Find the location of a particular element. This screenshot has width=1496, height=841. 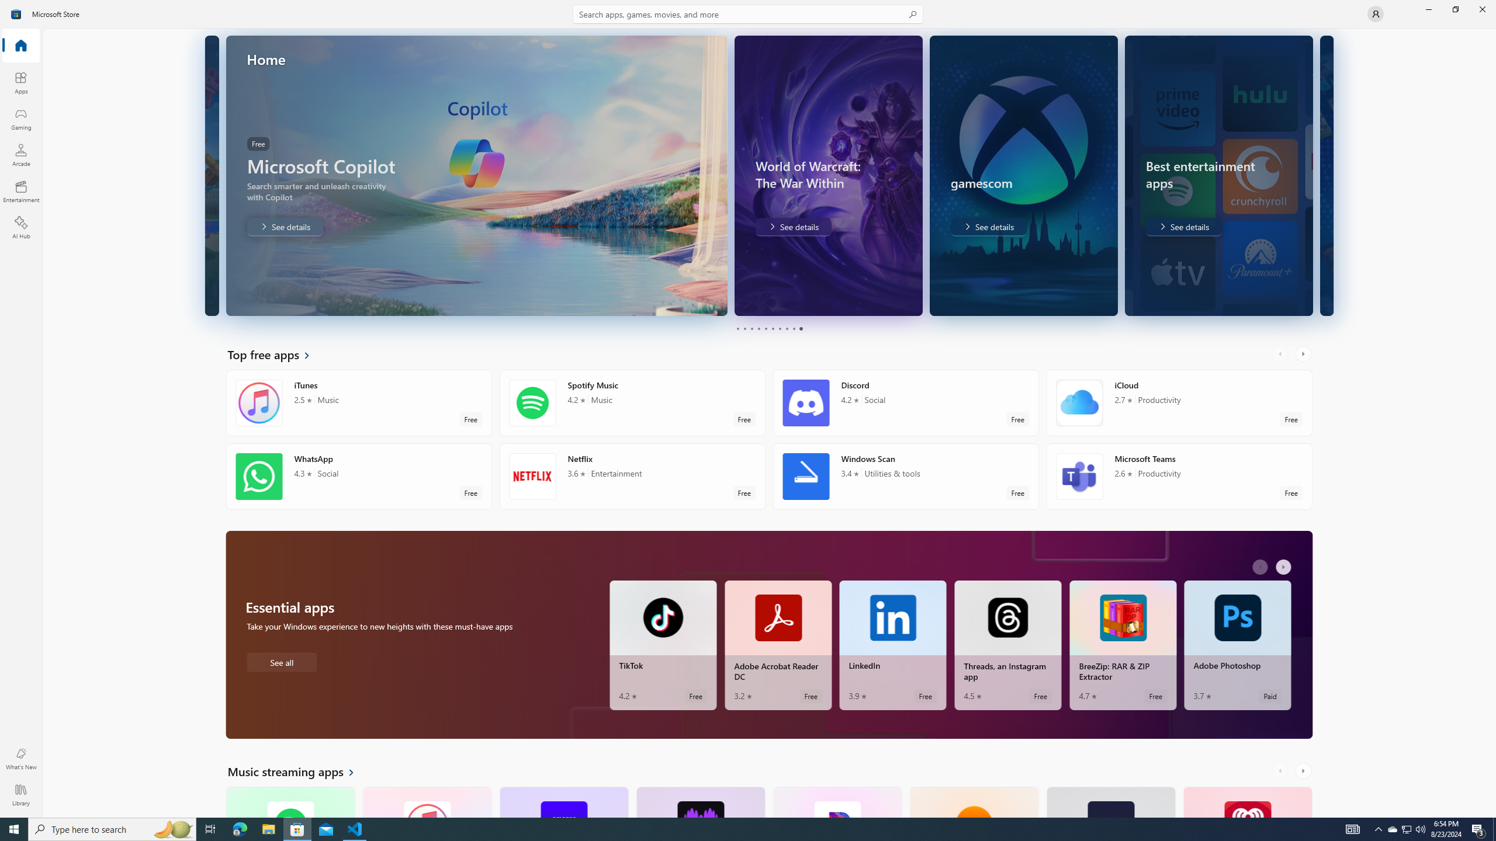

'LinkedIn. Average rating of 3.9 out of five stars. Free  ' is located at coordinates (893, 645).